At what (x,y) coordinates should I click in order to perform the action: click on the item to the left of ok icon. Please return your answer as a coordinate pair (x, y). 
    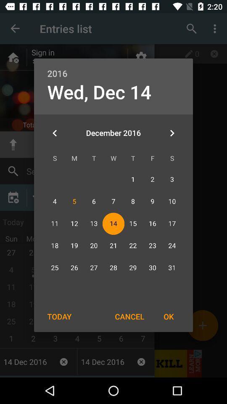
    Looking at the image, I should click on (129, 316).